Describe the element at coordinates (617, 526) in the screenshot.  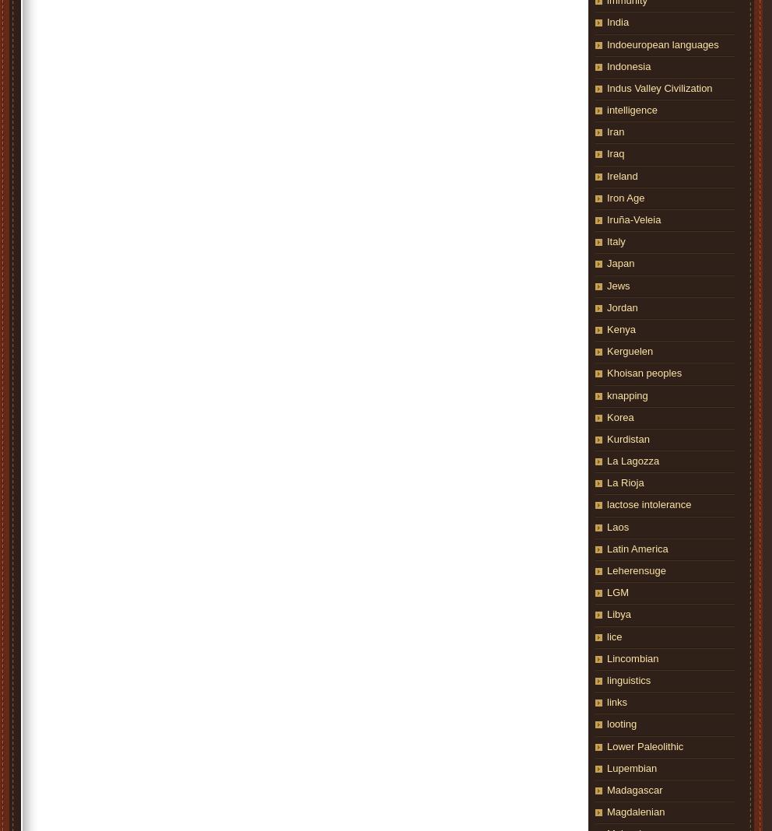
I see `'Laos'` at that location.